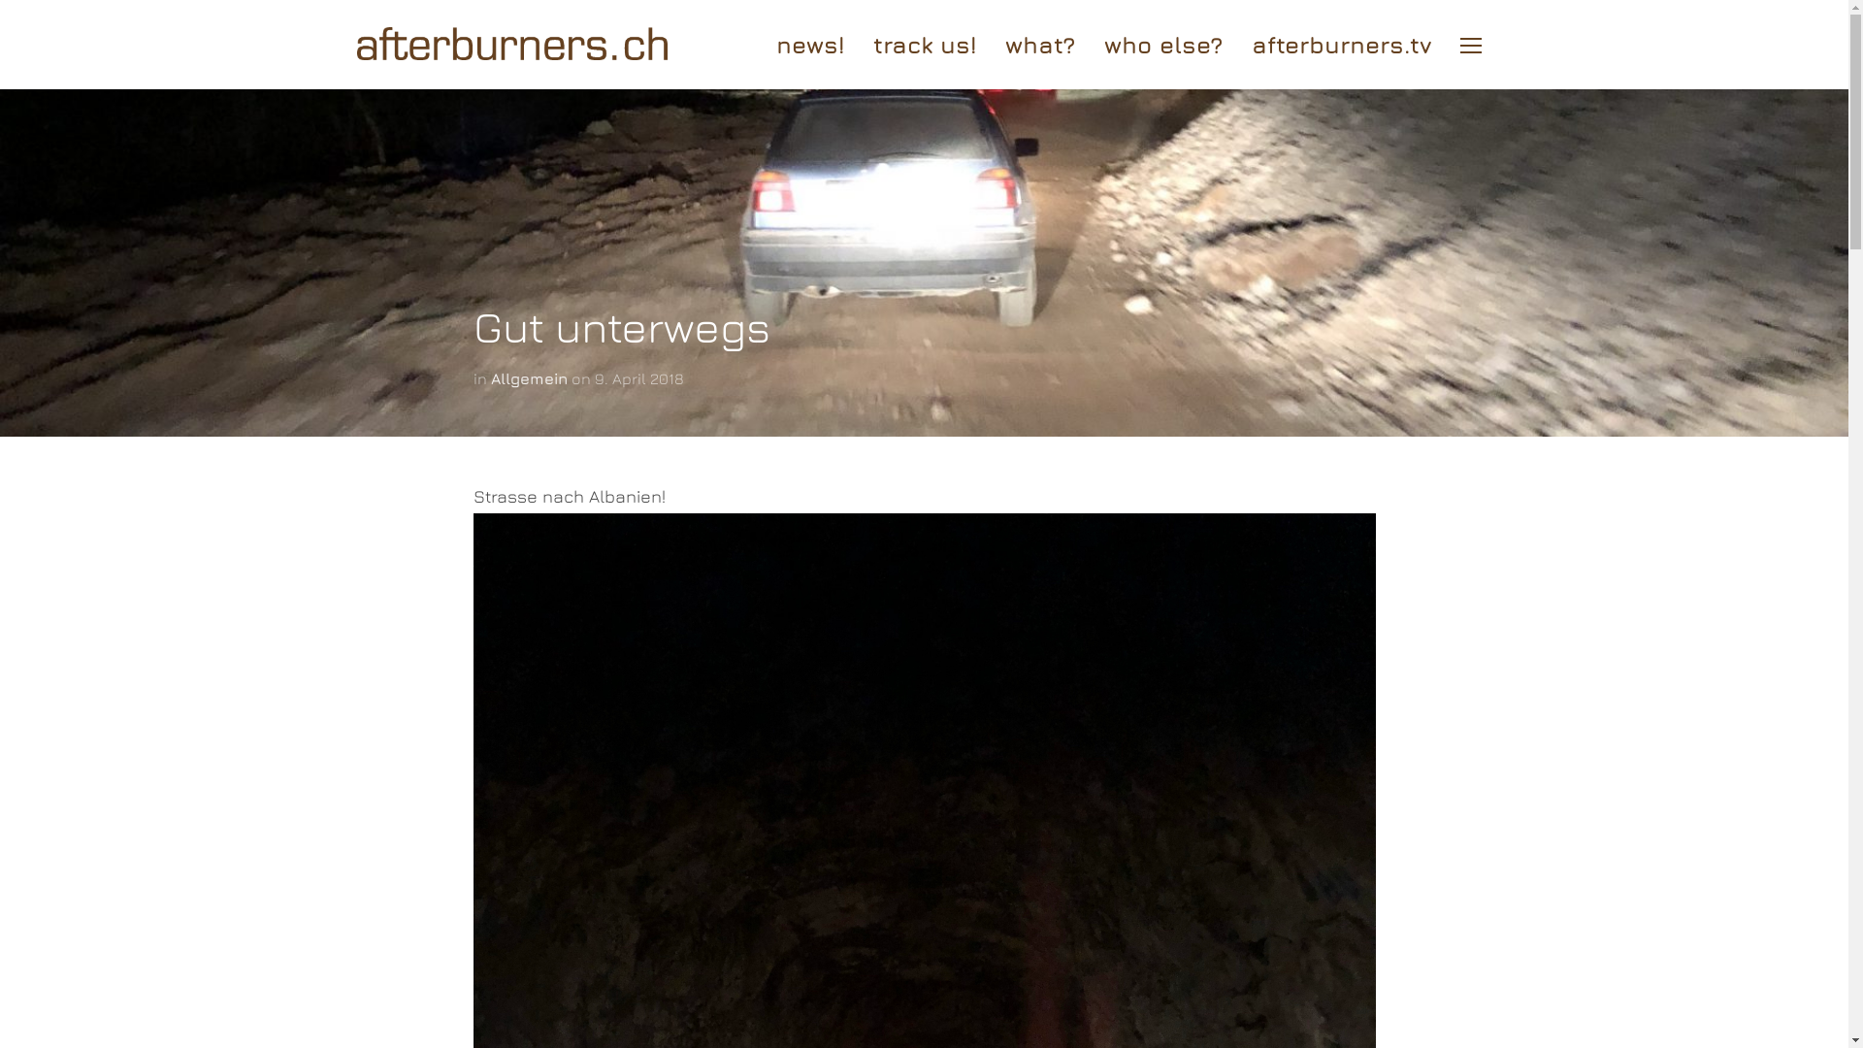 Image resolution: width=1863 pixels, height=1048 pixels. I want to click on 'news!', so click(810, 44).